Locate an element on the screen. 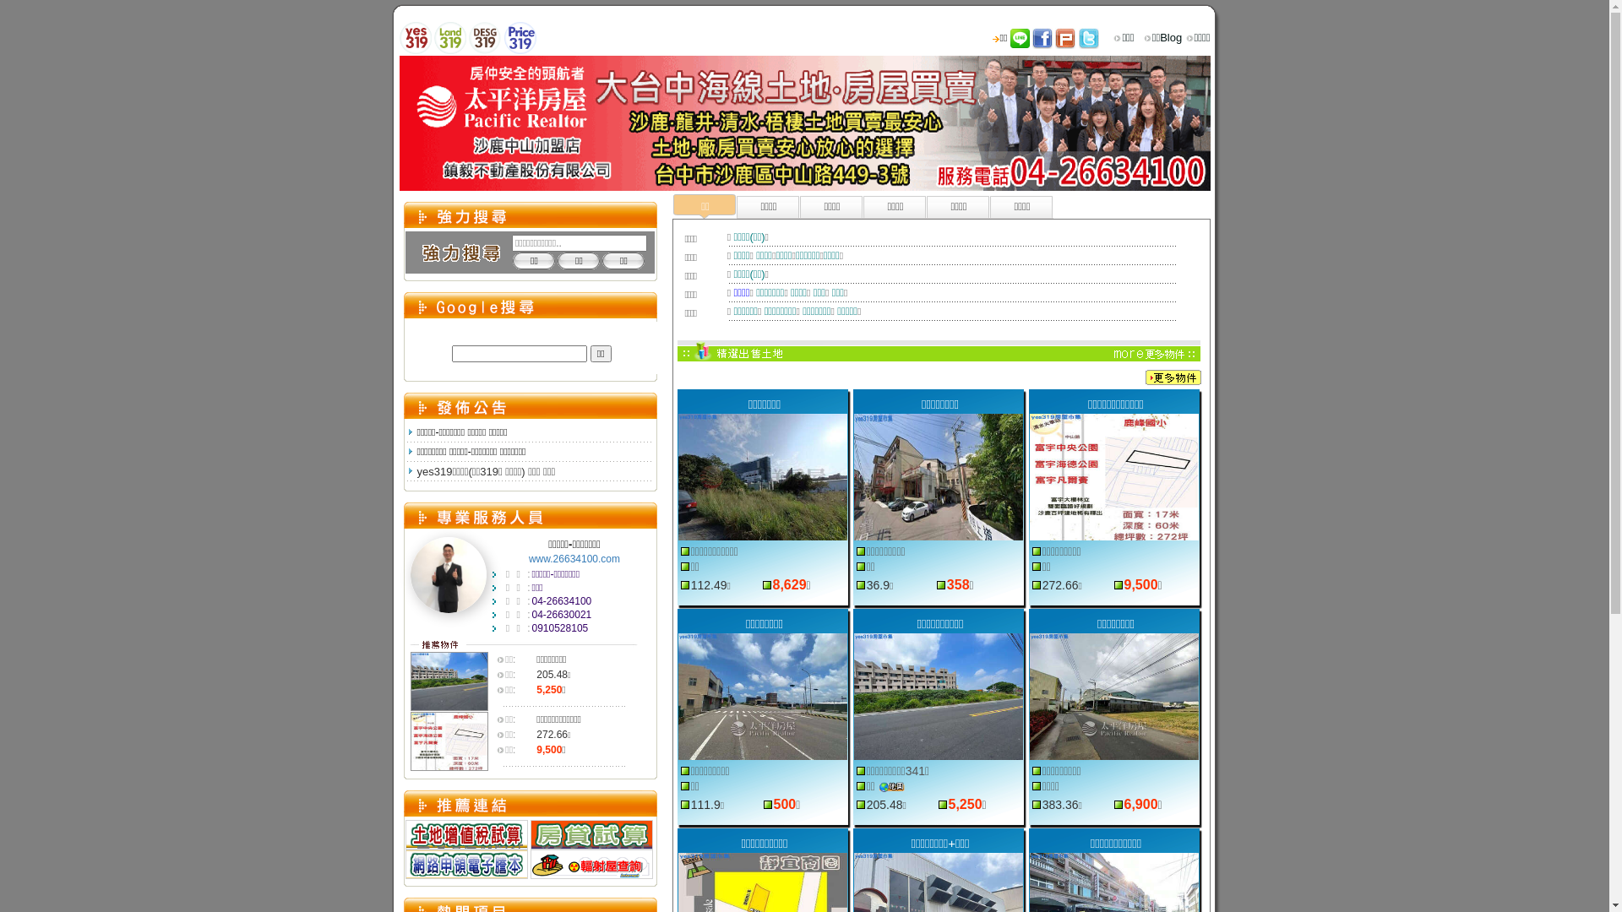  'www.26634100.com' is located at coordinates (574, 559).